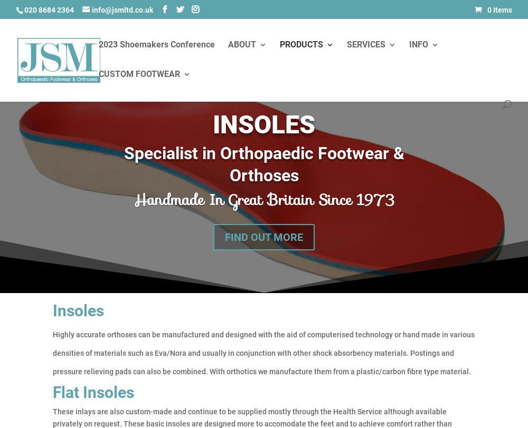 The height and width of the screenshot is (428, 528). Describe the element at coordinates (365, 44) in the screenshot. I see `'SERVICES'` at that location.